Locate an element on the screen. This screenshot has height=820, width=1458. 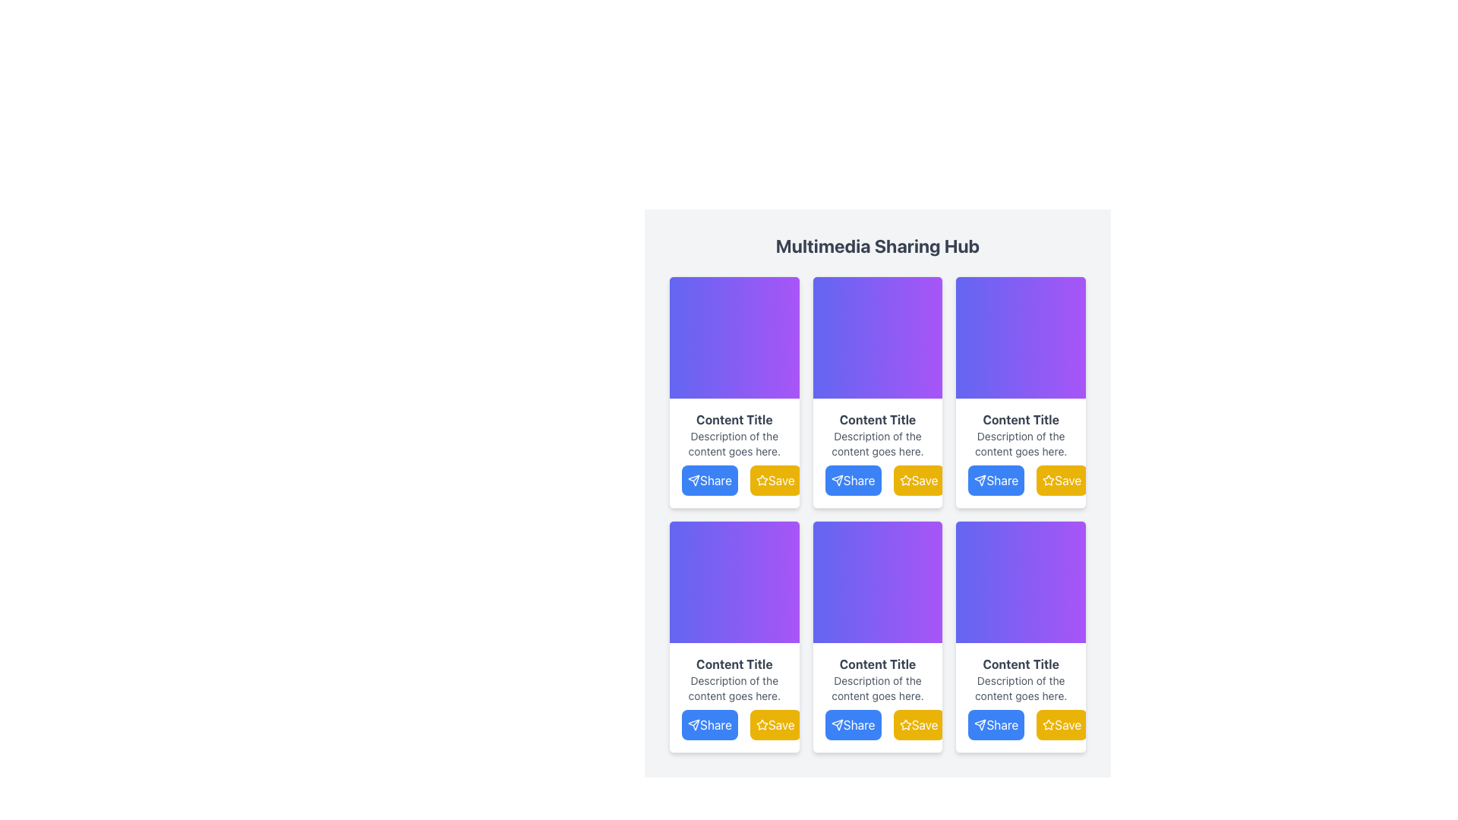
the 'Send' icon resembling a paper airplane located in the bottom left corner of the content card is located at coordinates (980, 723).